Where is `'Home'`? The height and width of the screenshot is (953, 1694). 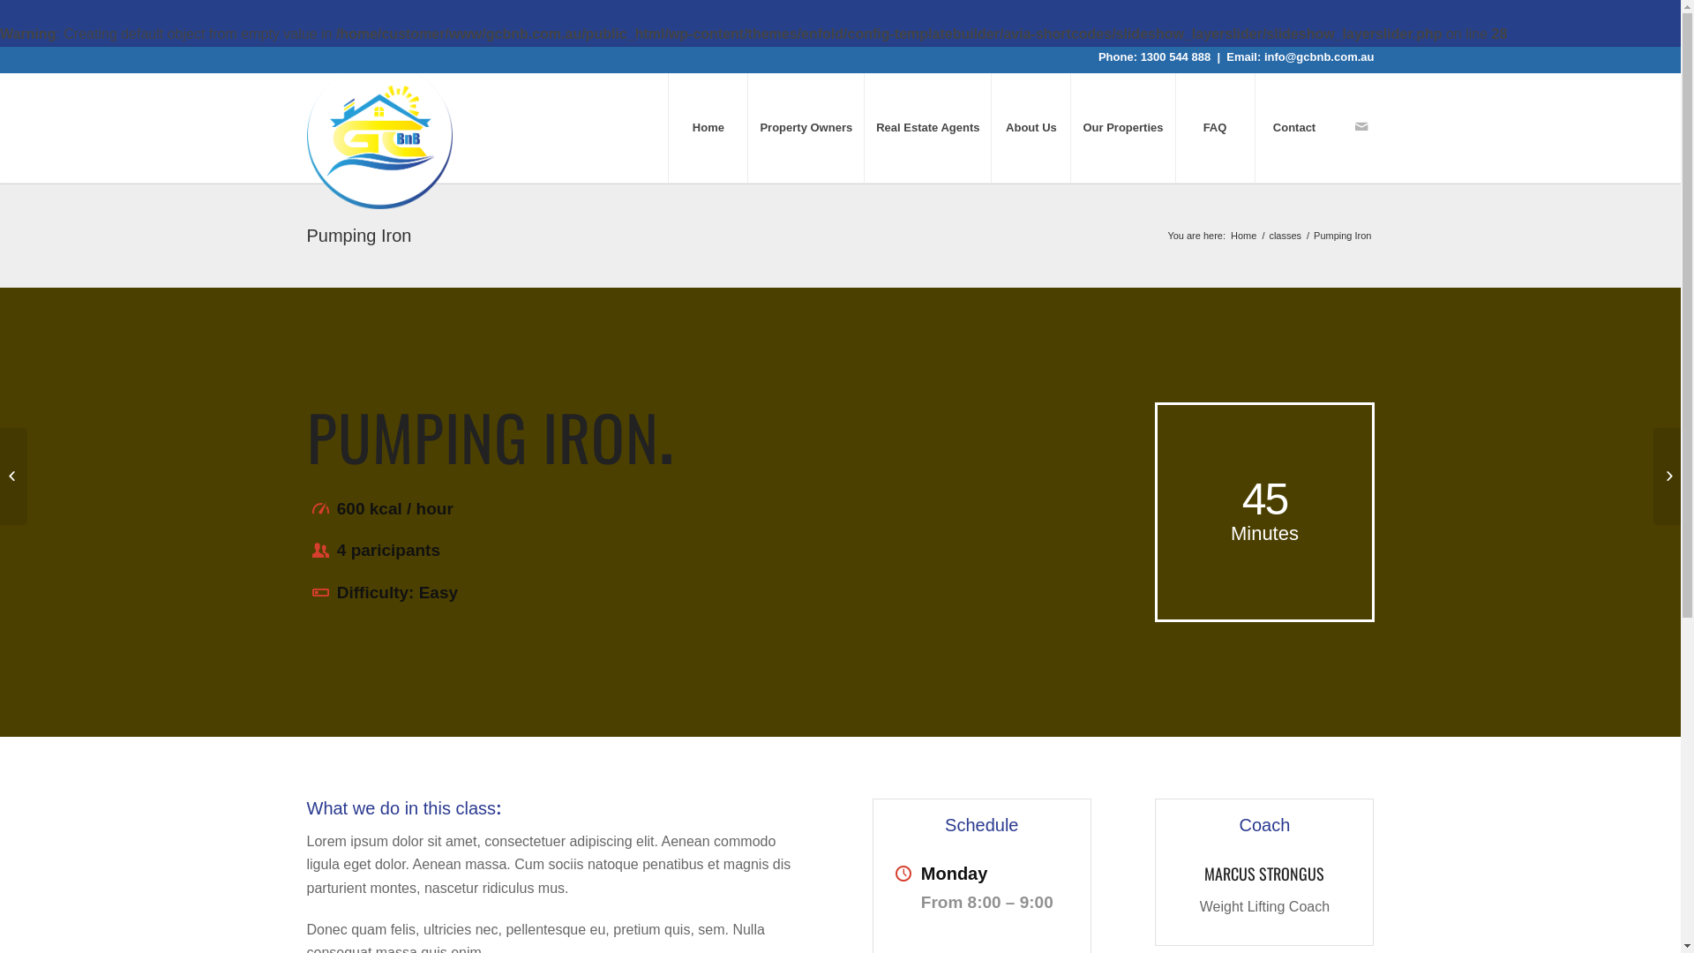 'Home' is located at coordinates (1242, 235).